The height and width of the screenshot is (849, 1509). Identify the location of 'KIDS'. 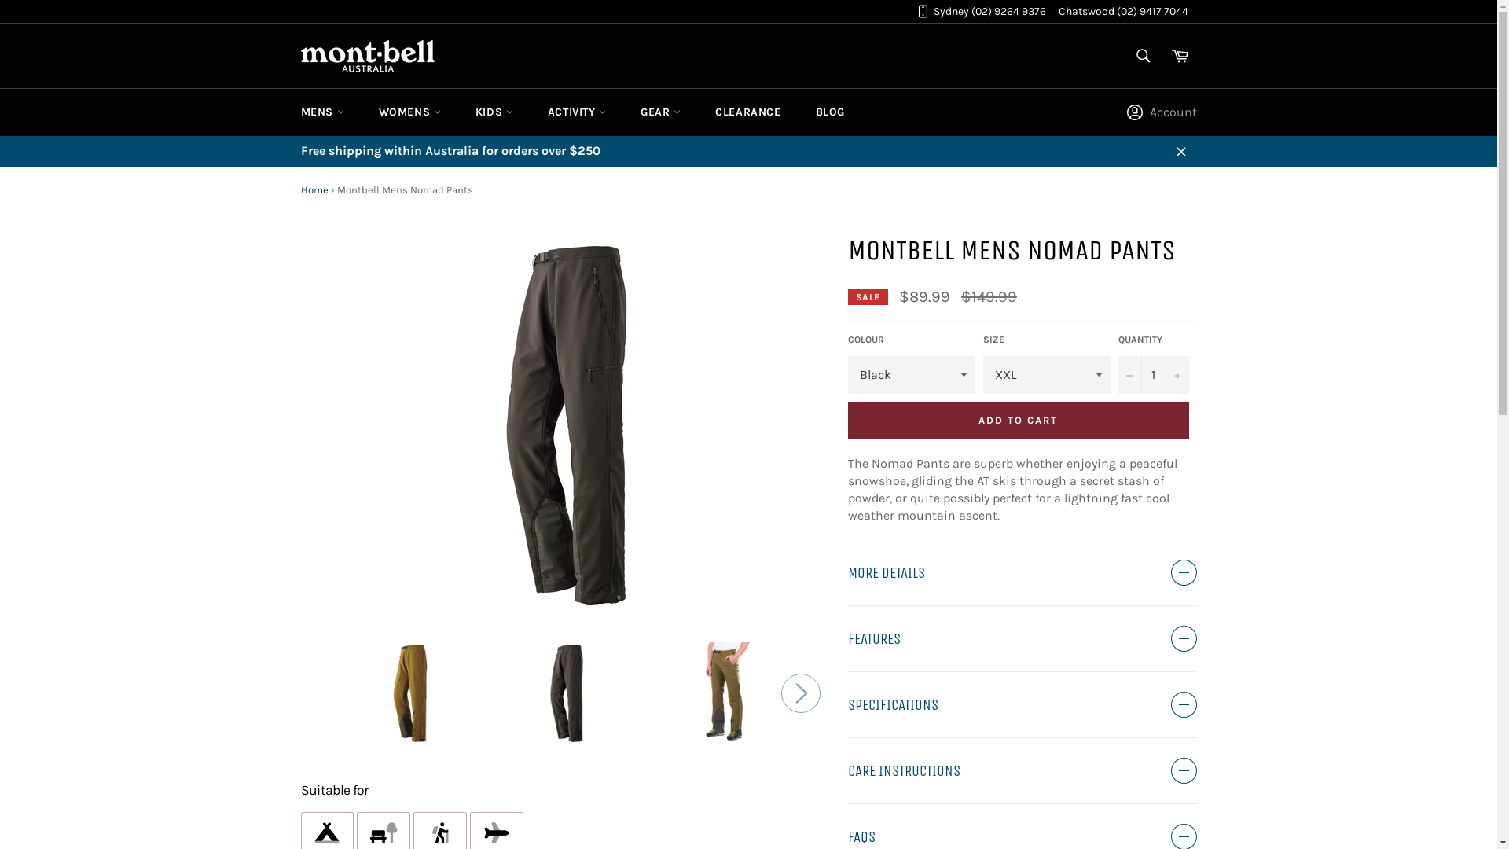
(459, 111).